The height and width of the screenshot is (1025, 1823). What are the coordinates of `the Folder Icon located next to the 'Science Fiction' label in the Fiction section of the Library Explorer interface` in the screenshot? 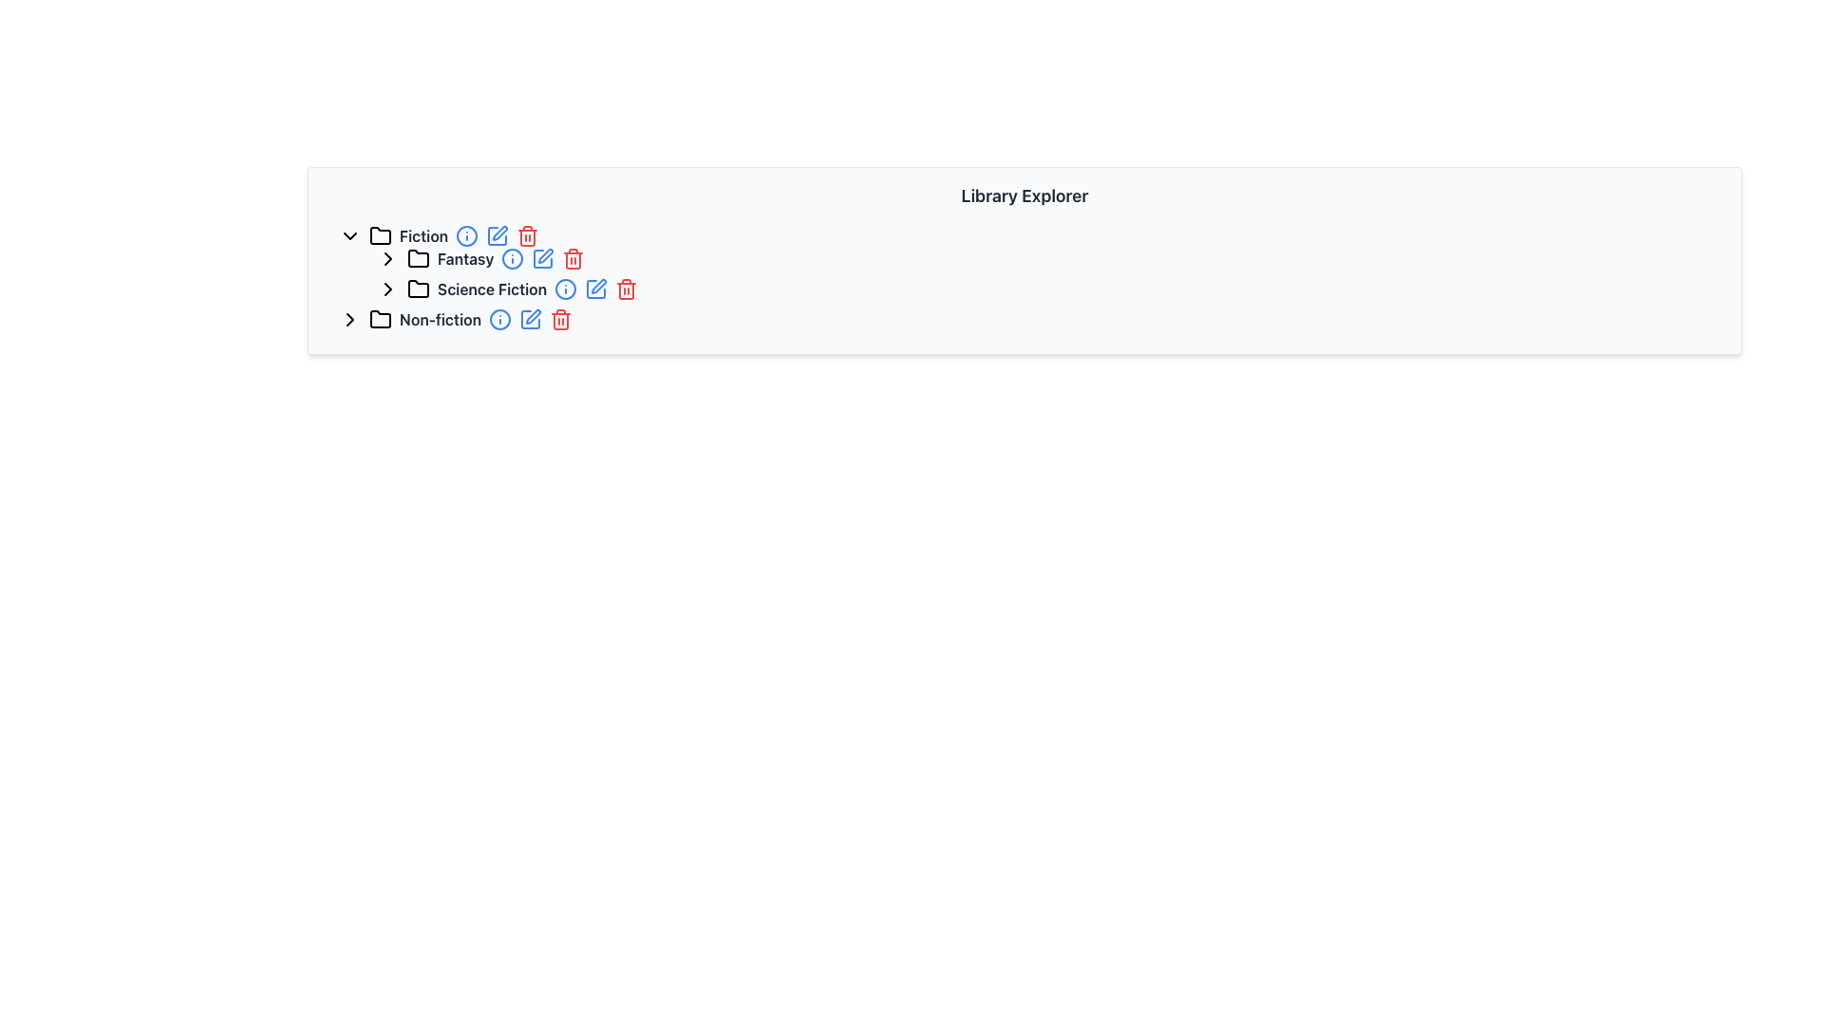 It's located at (418, 289).